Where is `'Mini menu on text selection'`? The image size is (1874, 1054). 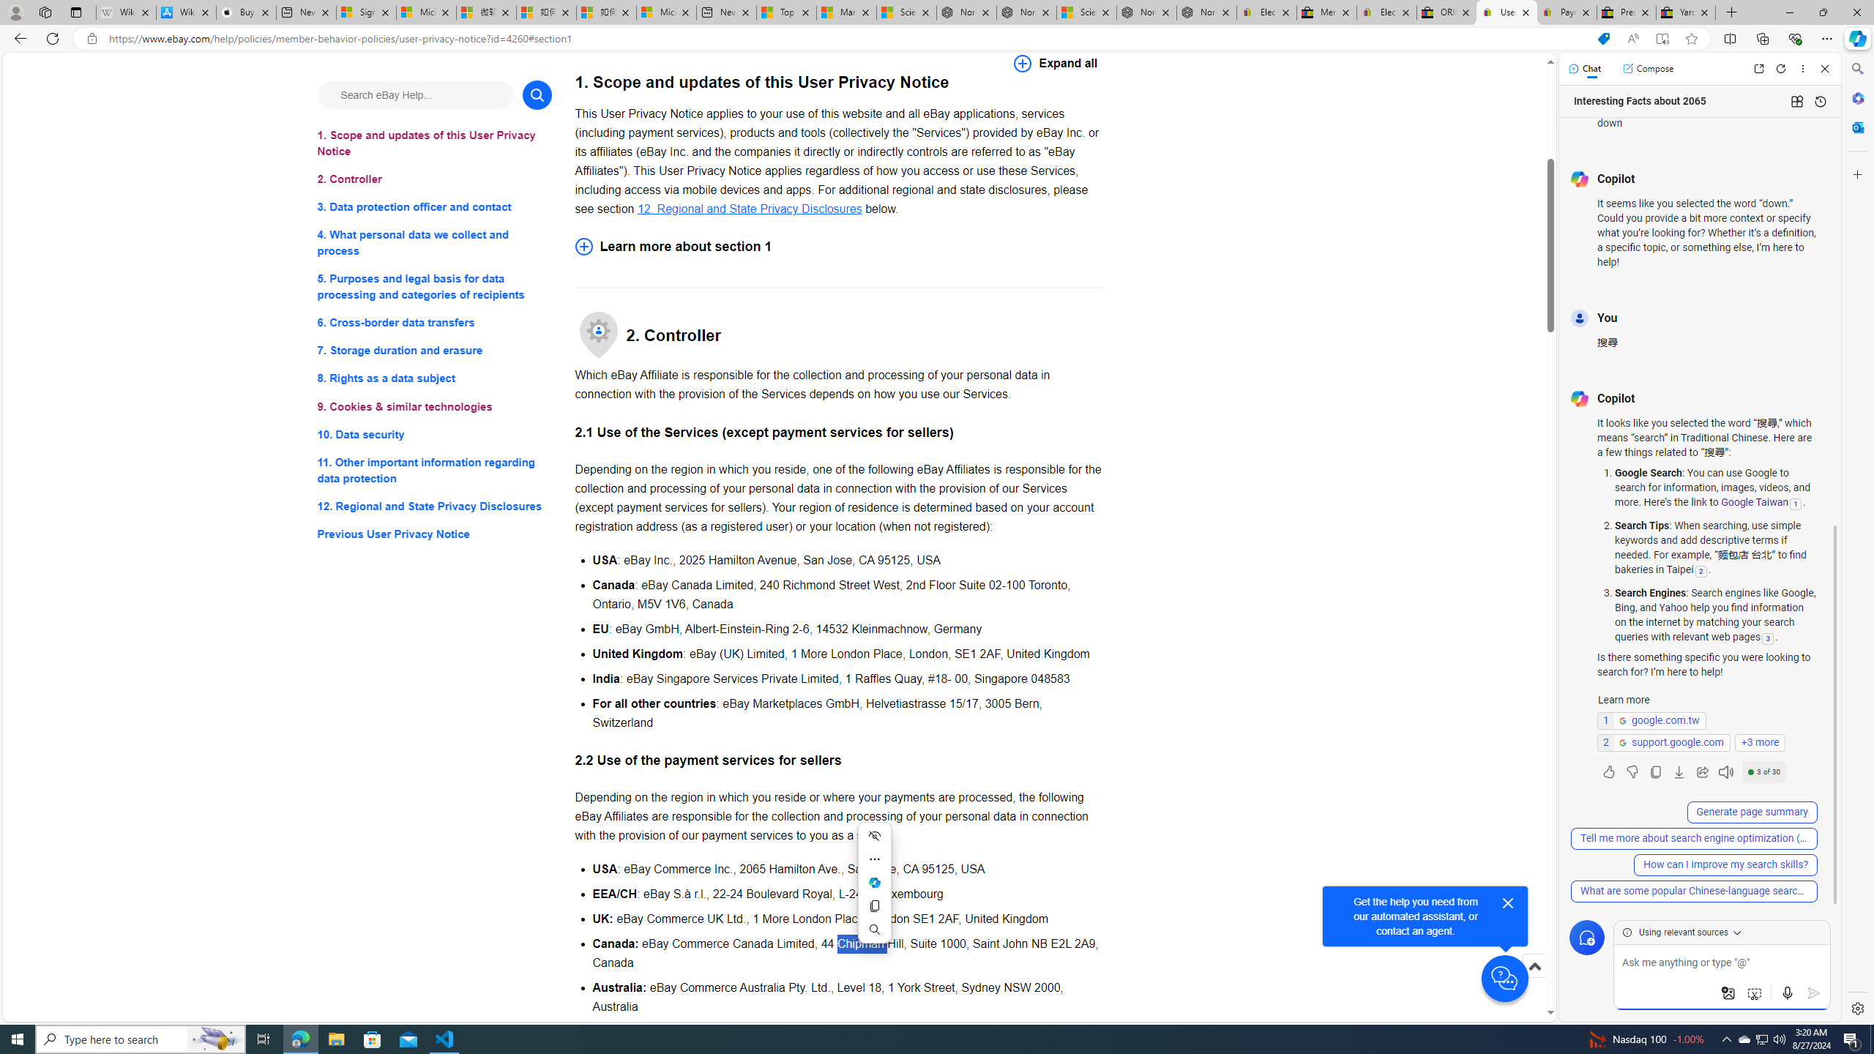
'Mini menu on text selection' is located at coordinates (874, 883).